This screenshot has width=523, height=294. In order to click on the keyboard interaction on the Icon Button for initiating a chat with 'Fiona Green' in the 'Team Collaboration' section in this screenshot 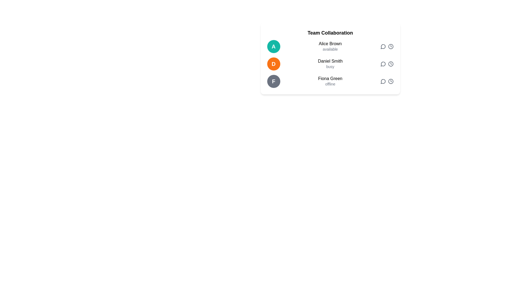, I will do `click(383, 81)`.